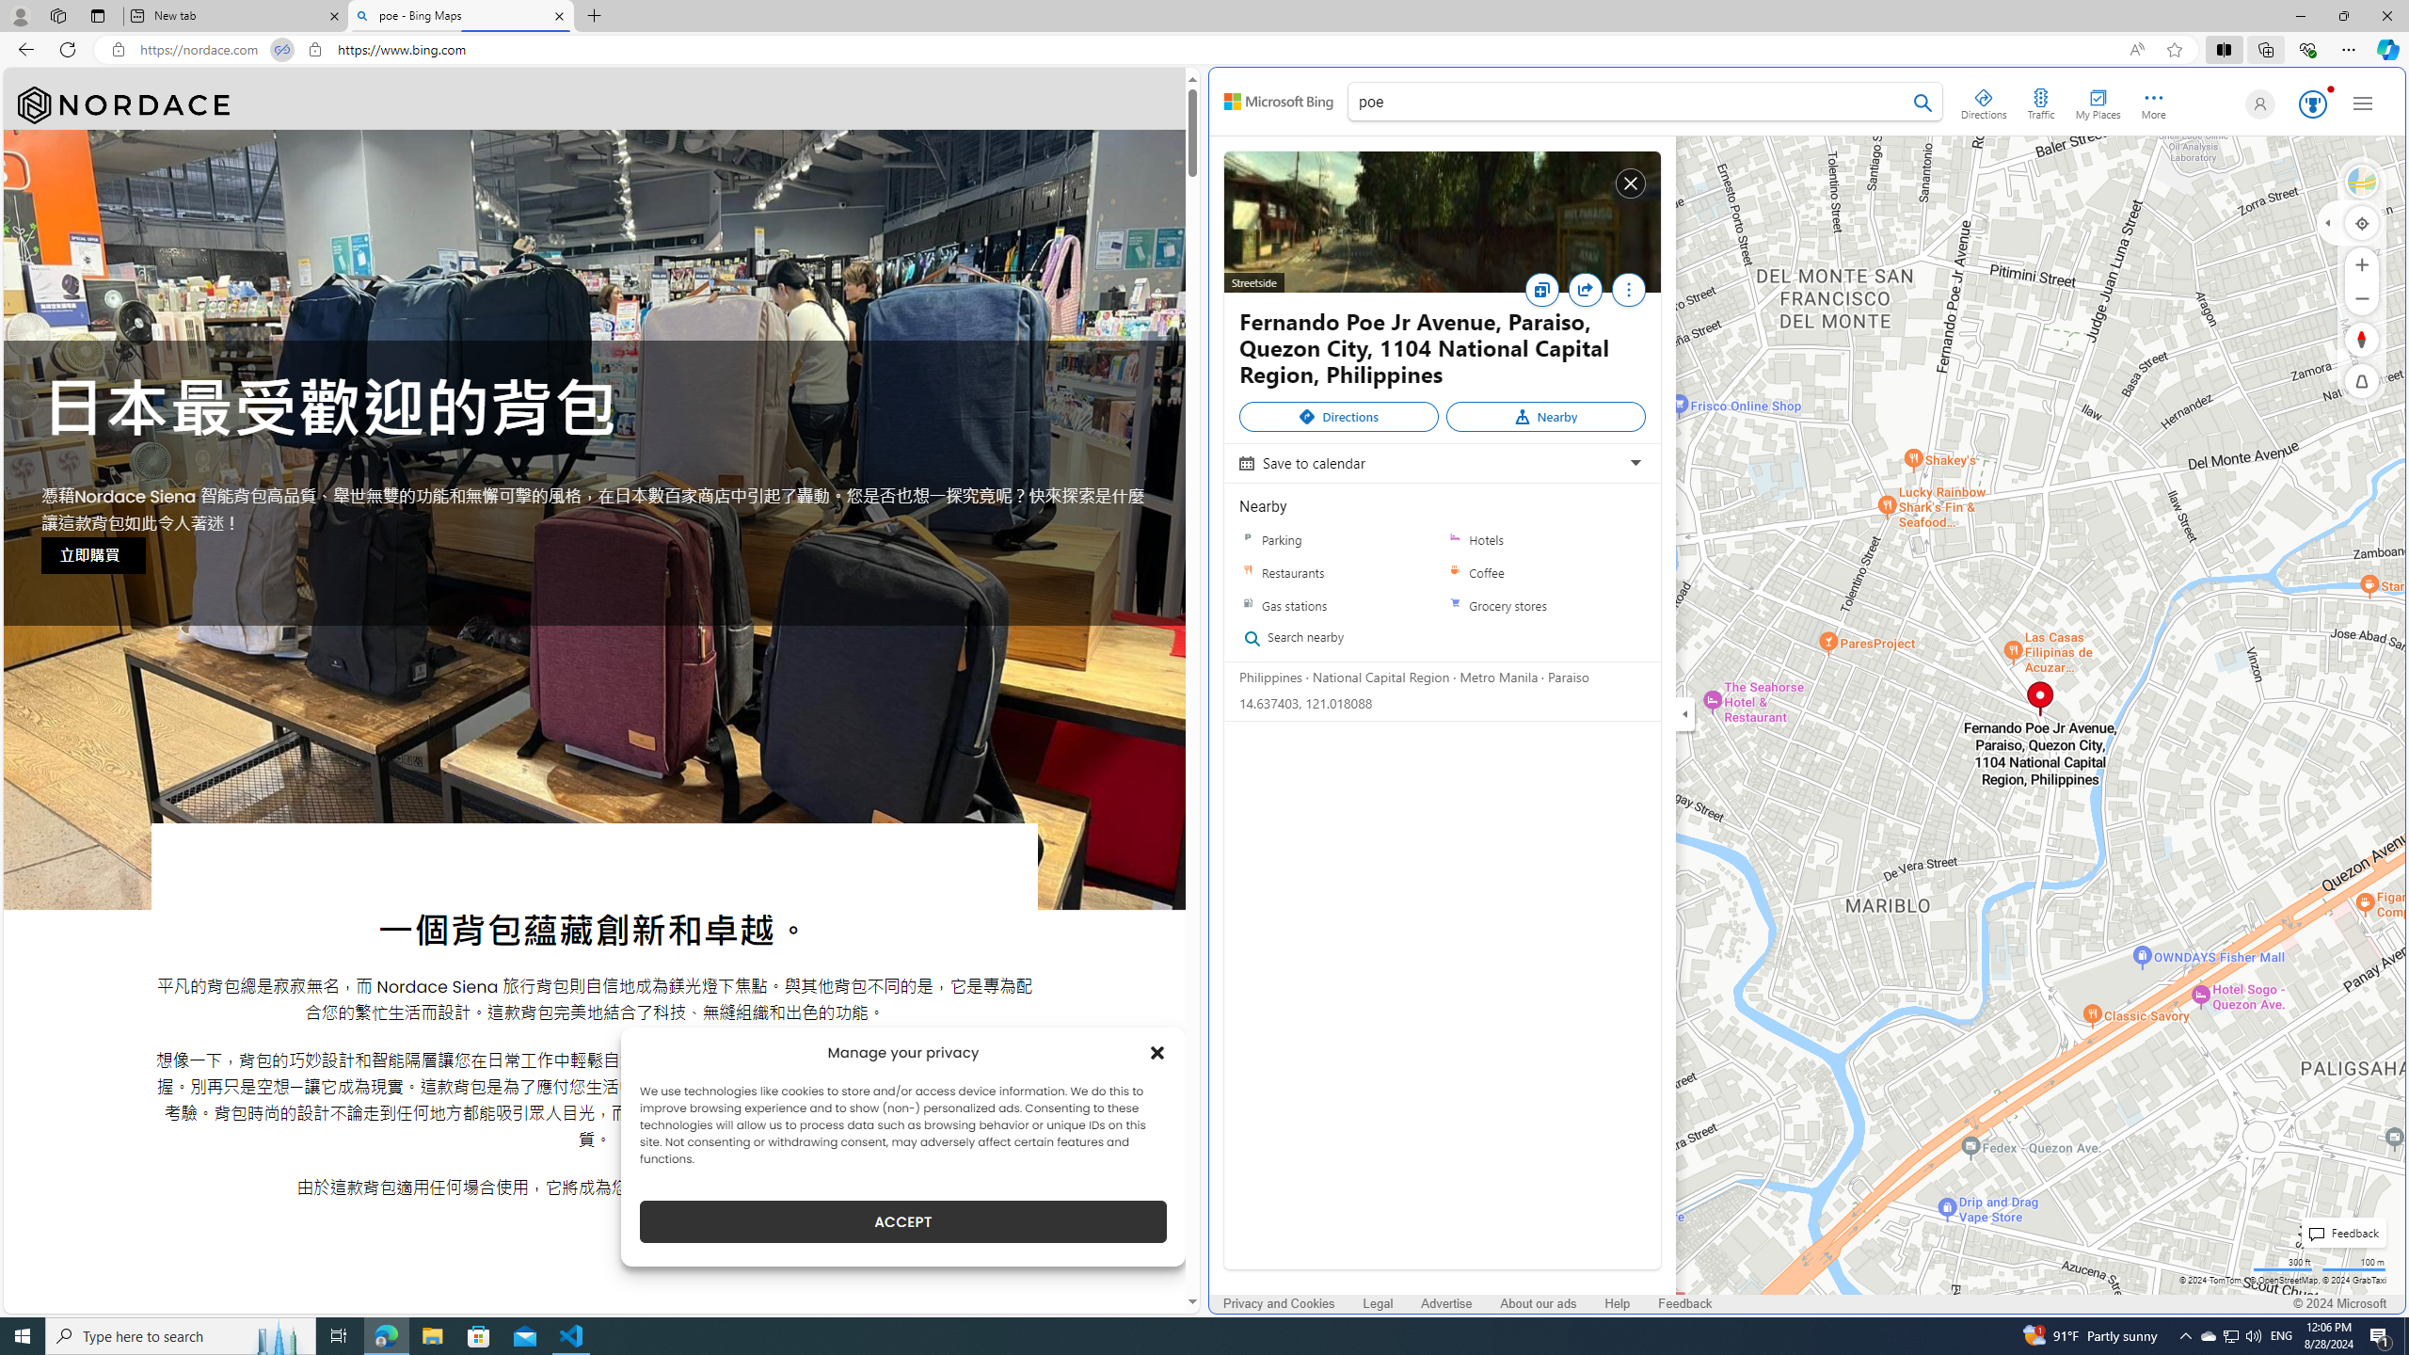 This screenshot has height=1355, width=2409. Describe the element at coordinates (2362, 263) in the screenshot. I see `'Zoom In'` at that location.